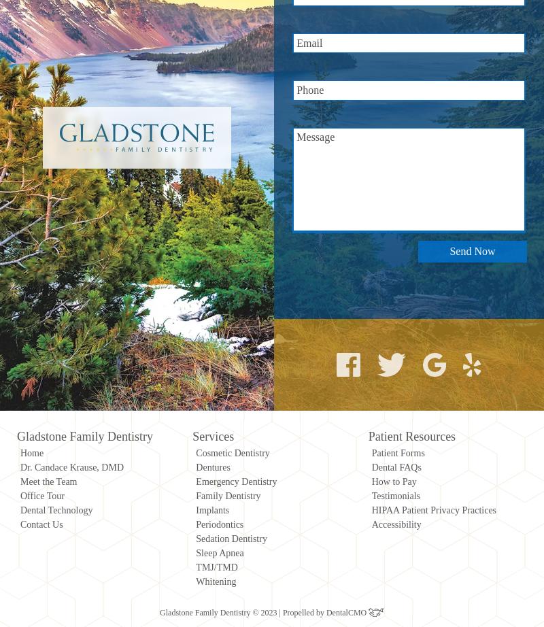  What do you see at coordinates (368, 435) in the screenshot?
I see `'Patient Resources'` at bounding box center [368, 435].